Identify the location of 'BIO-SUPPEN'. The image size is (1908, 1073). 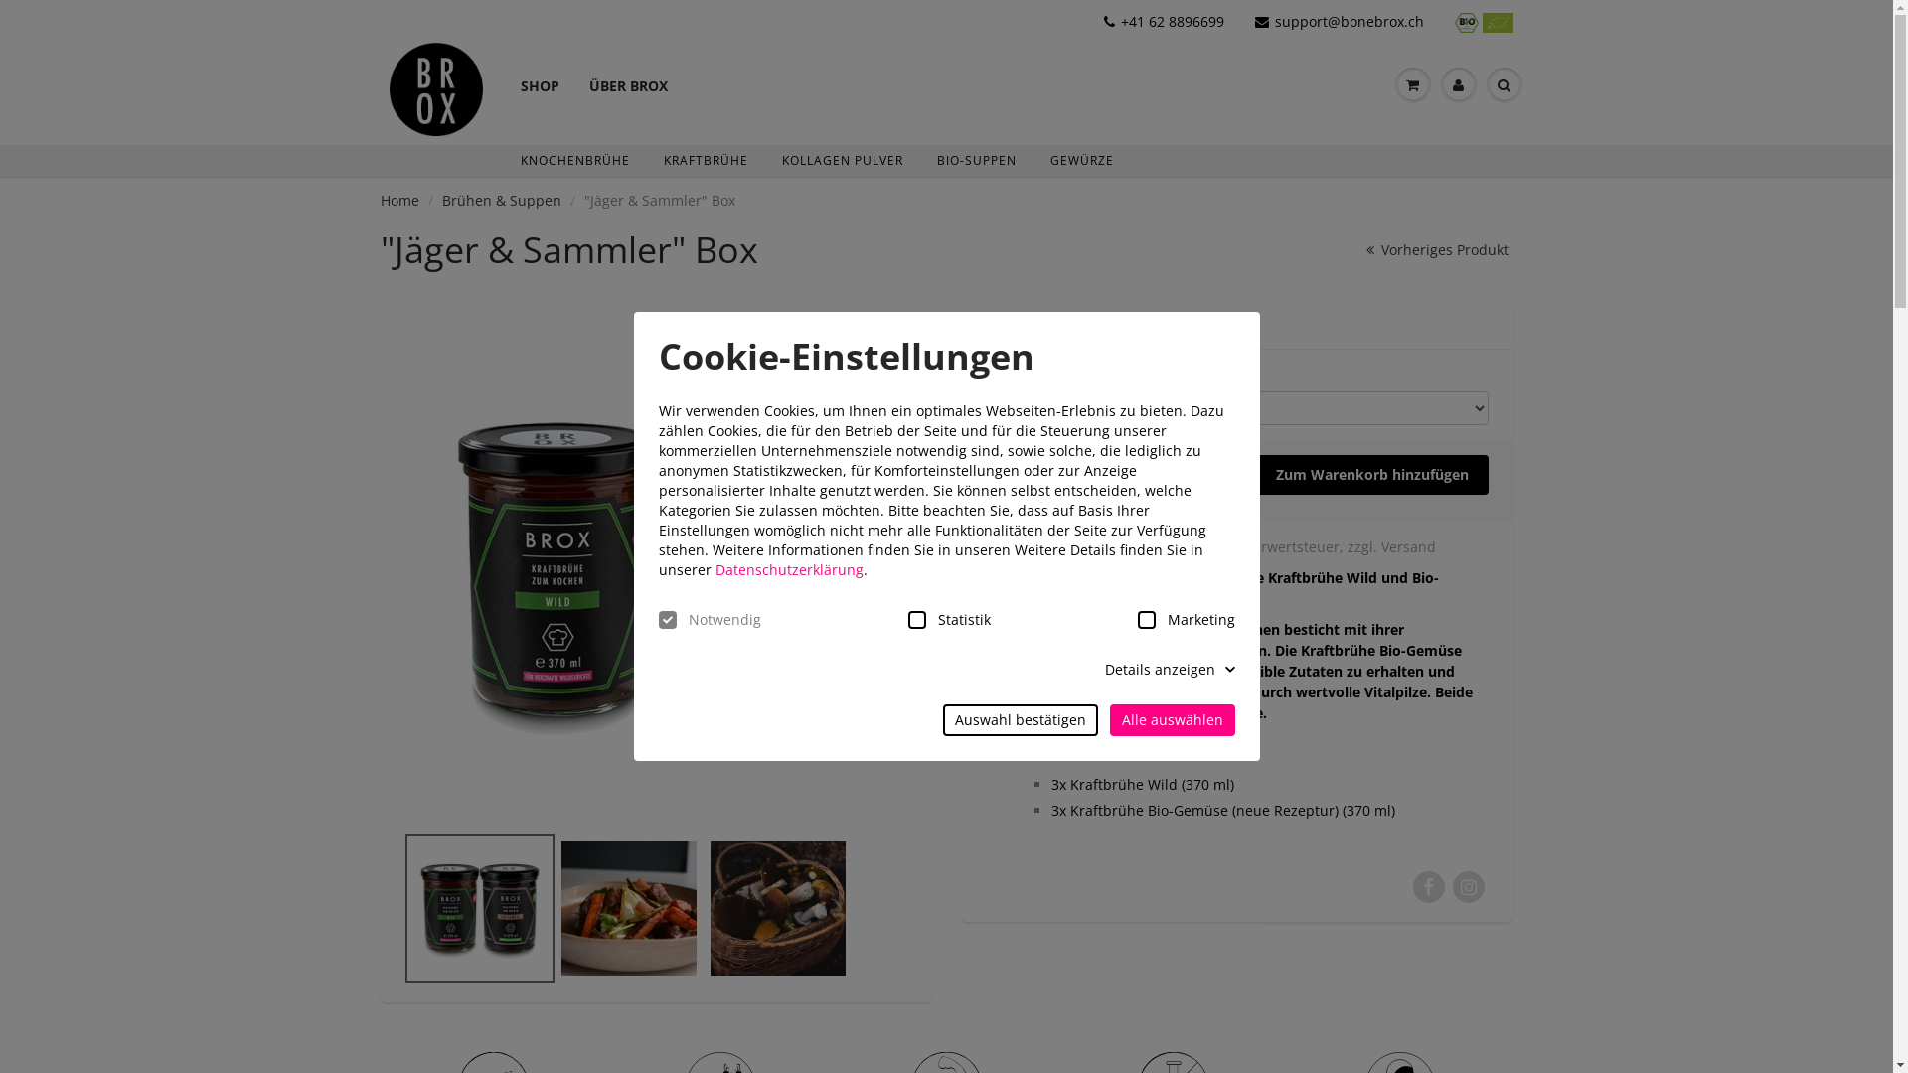
(977, 159).